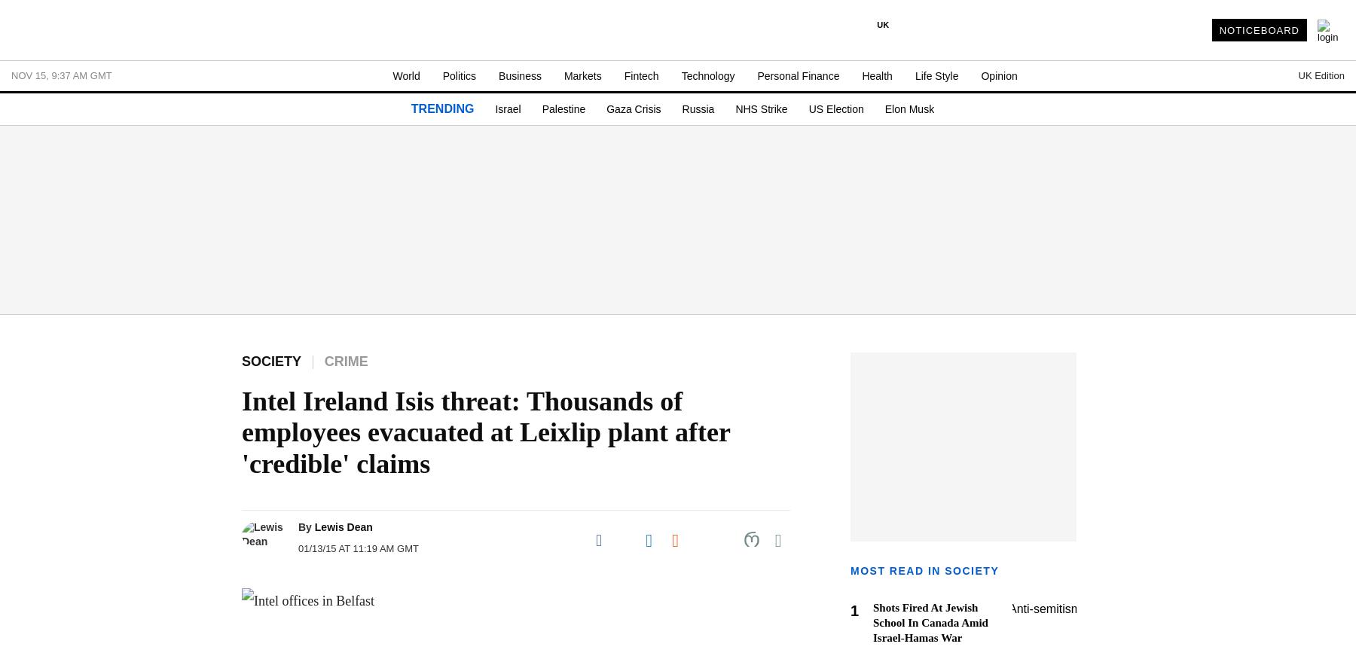 The height and width of the screenshot is (656, 1356). I want to click on '- Finance & Banking', so click(57, 582).